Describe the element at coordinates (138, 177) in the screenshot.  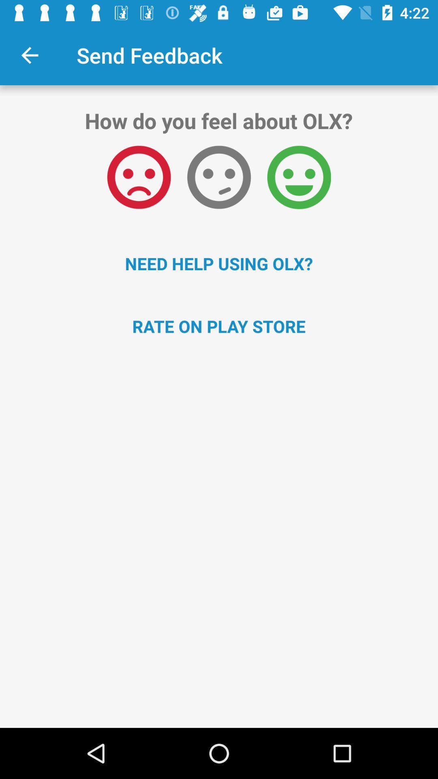
I see `the emoji icon` at that location.